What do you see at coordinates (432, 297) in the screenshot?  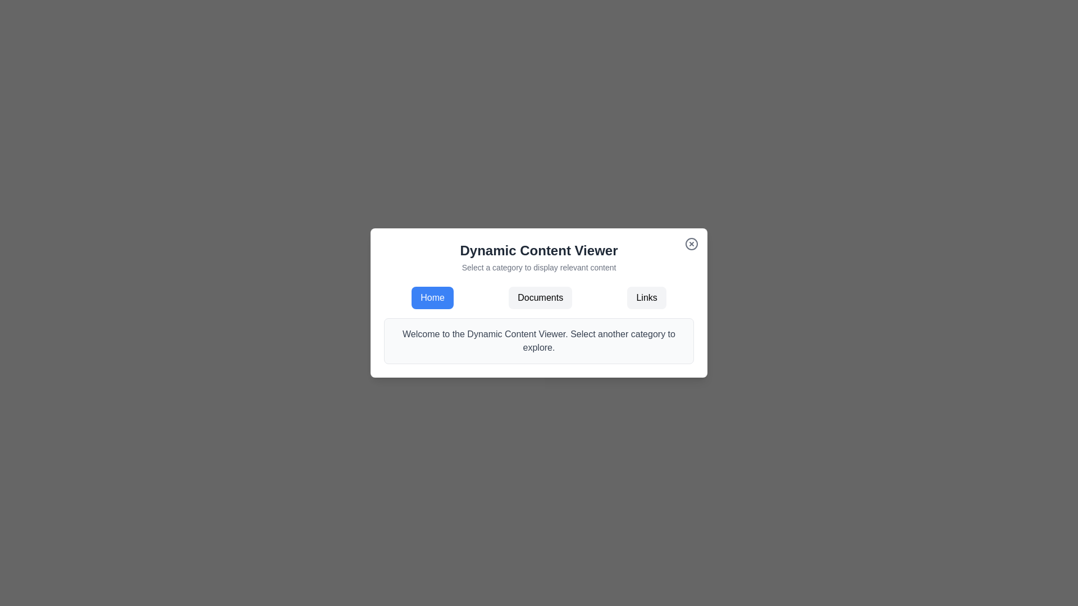 I see `the 'Home' button, which is a rectangular button with rounded corners and a blue background` at bounding box center [432, 297].